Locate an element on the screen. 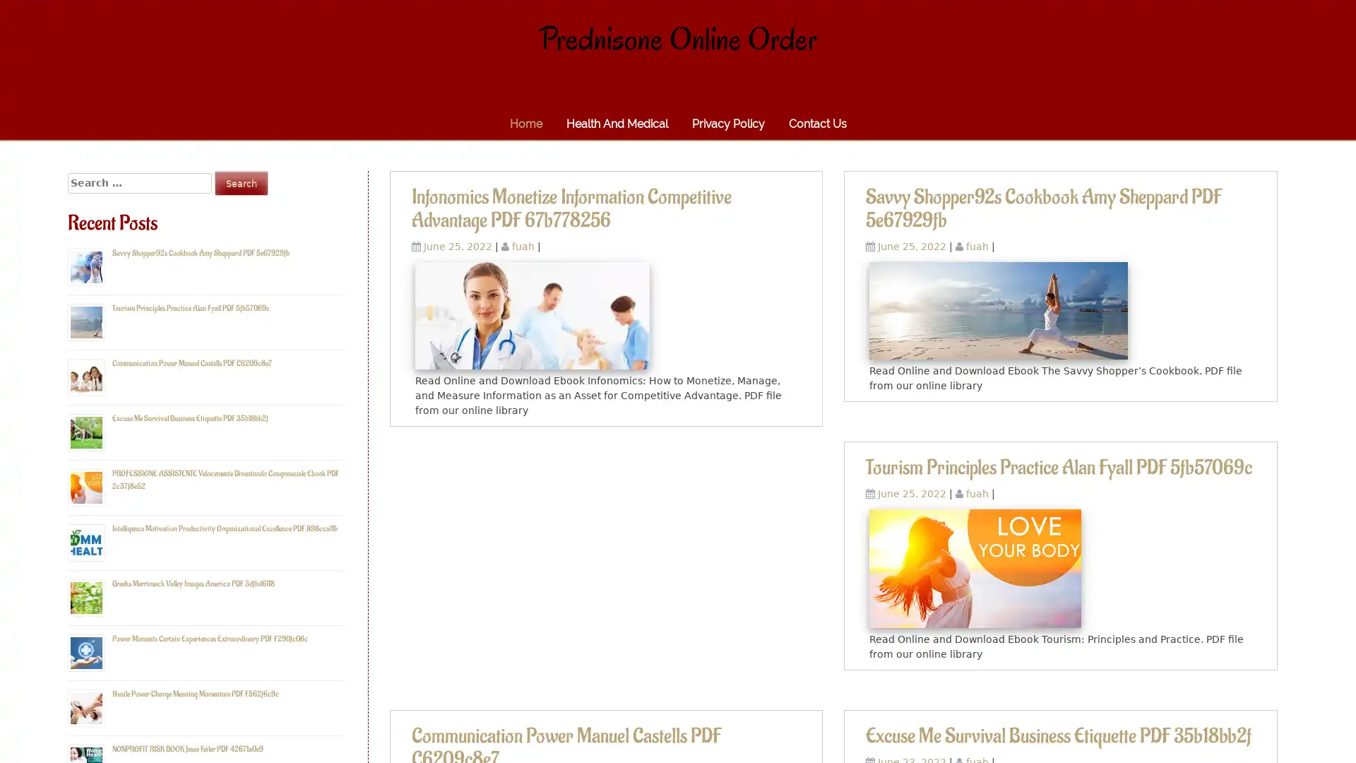  Search is located at coordinates (241, 182).